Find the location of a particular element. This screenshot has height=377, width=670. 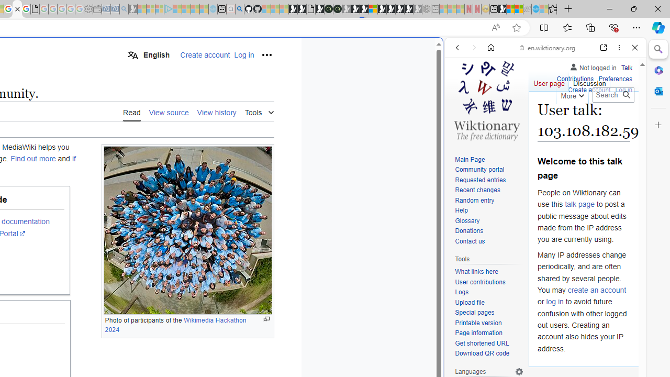

'Services - Maintenance | Sky Blue Bikes - Sky Blue Bikes' is located at coordinates (535, 9).